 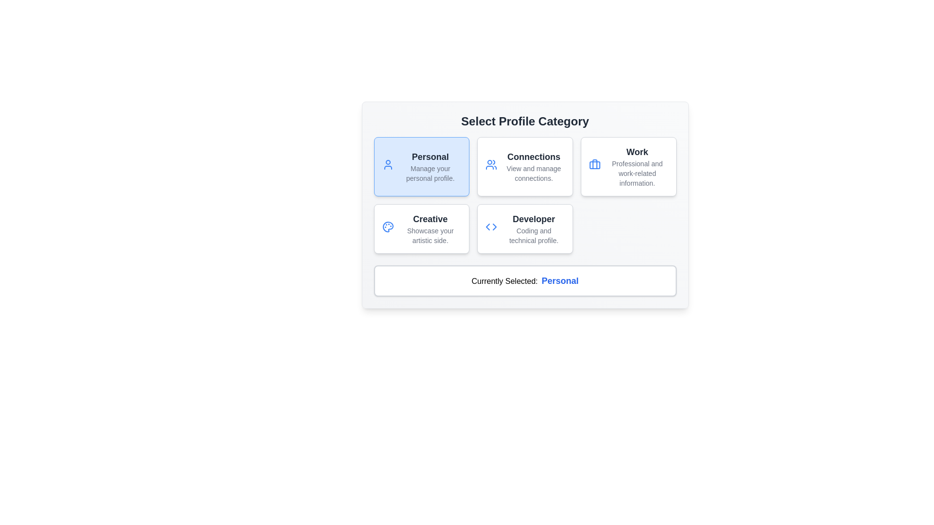 What do you see at coordinates (421, 228) in the screenshot?
I see `the 'Creative' Card button` at bounding box center [421, 228].